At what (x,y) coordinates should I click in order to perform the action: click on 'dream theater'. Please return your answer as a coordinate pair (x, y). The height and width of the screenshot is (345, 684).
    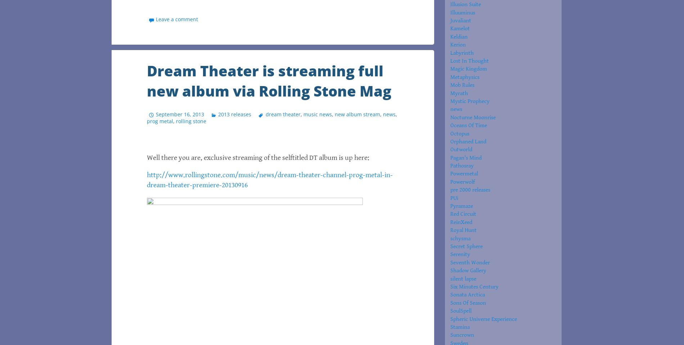
    Looking at the image, I should click on (282, 114).